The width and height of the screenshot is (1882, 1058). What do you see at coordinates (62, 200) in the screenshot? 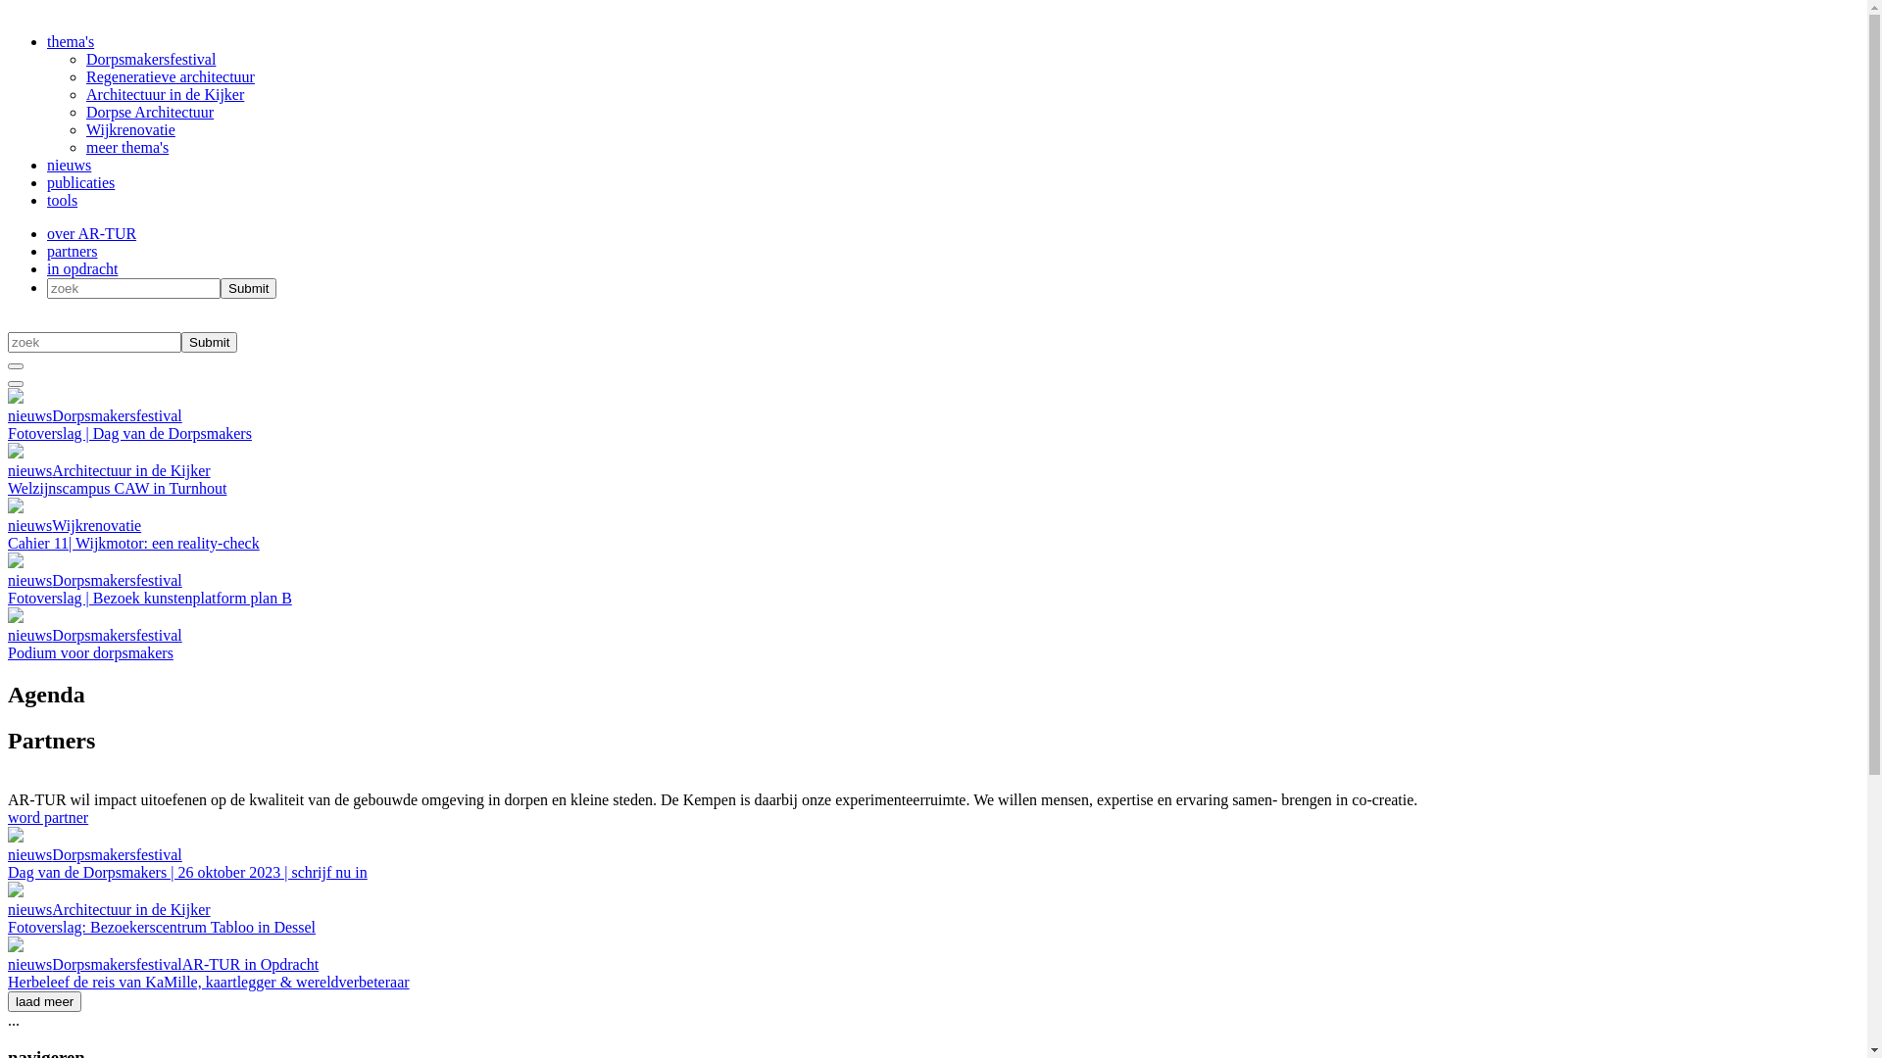
I see `'tools'` at bounding box center [62, 200].